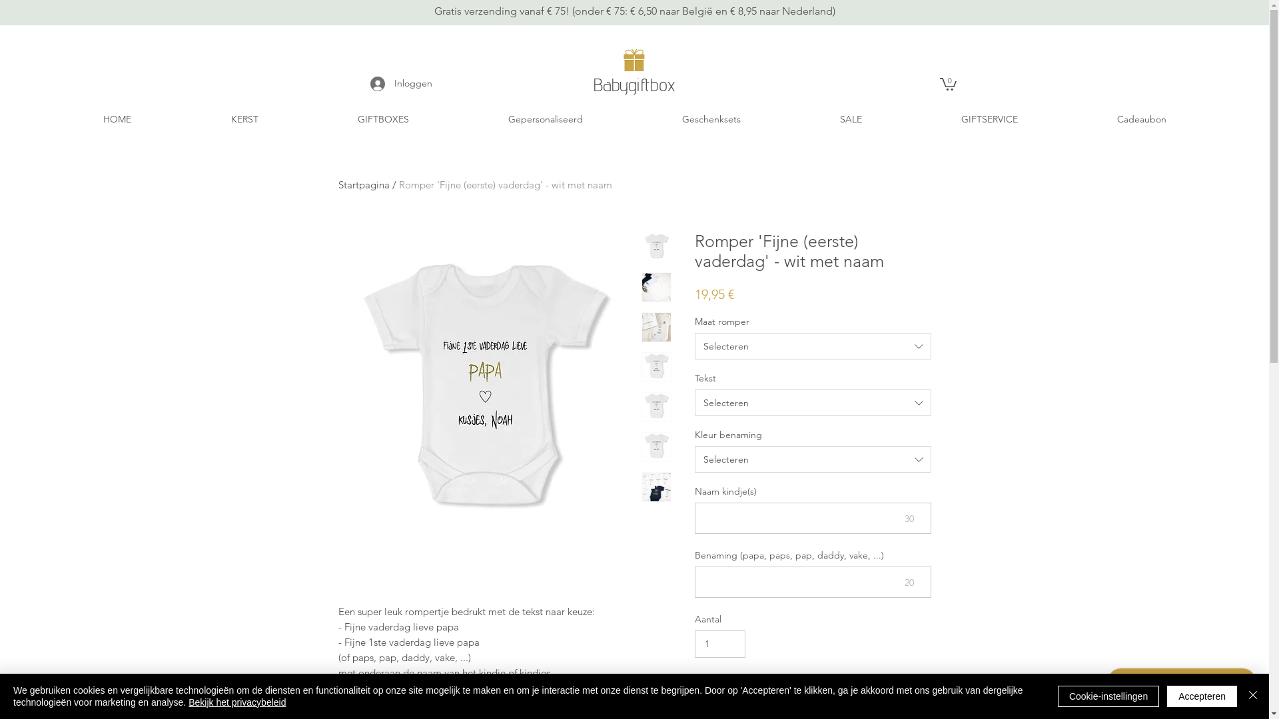 This screenshot has height=719, width=1279. I want to click on 'Geschenksets', so click(710, 119).